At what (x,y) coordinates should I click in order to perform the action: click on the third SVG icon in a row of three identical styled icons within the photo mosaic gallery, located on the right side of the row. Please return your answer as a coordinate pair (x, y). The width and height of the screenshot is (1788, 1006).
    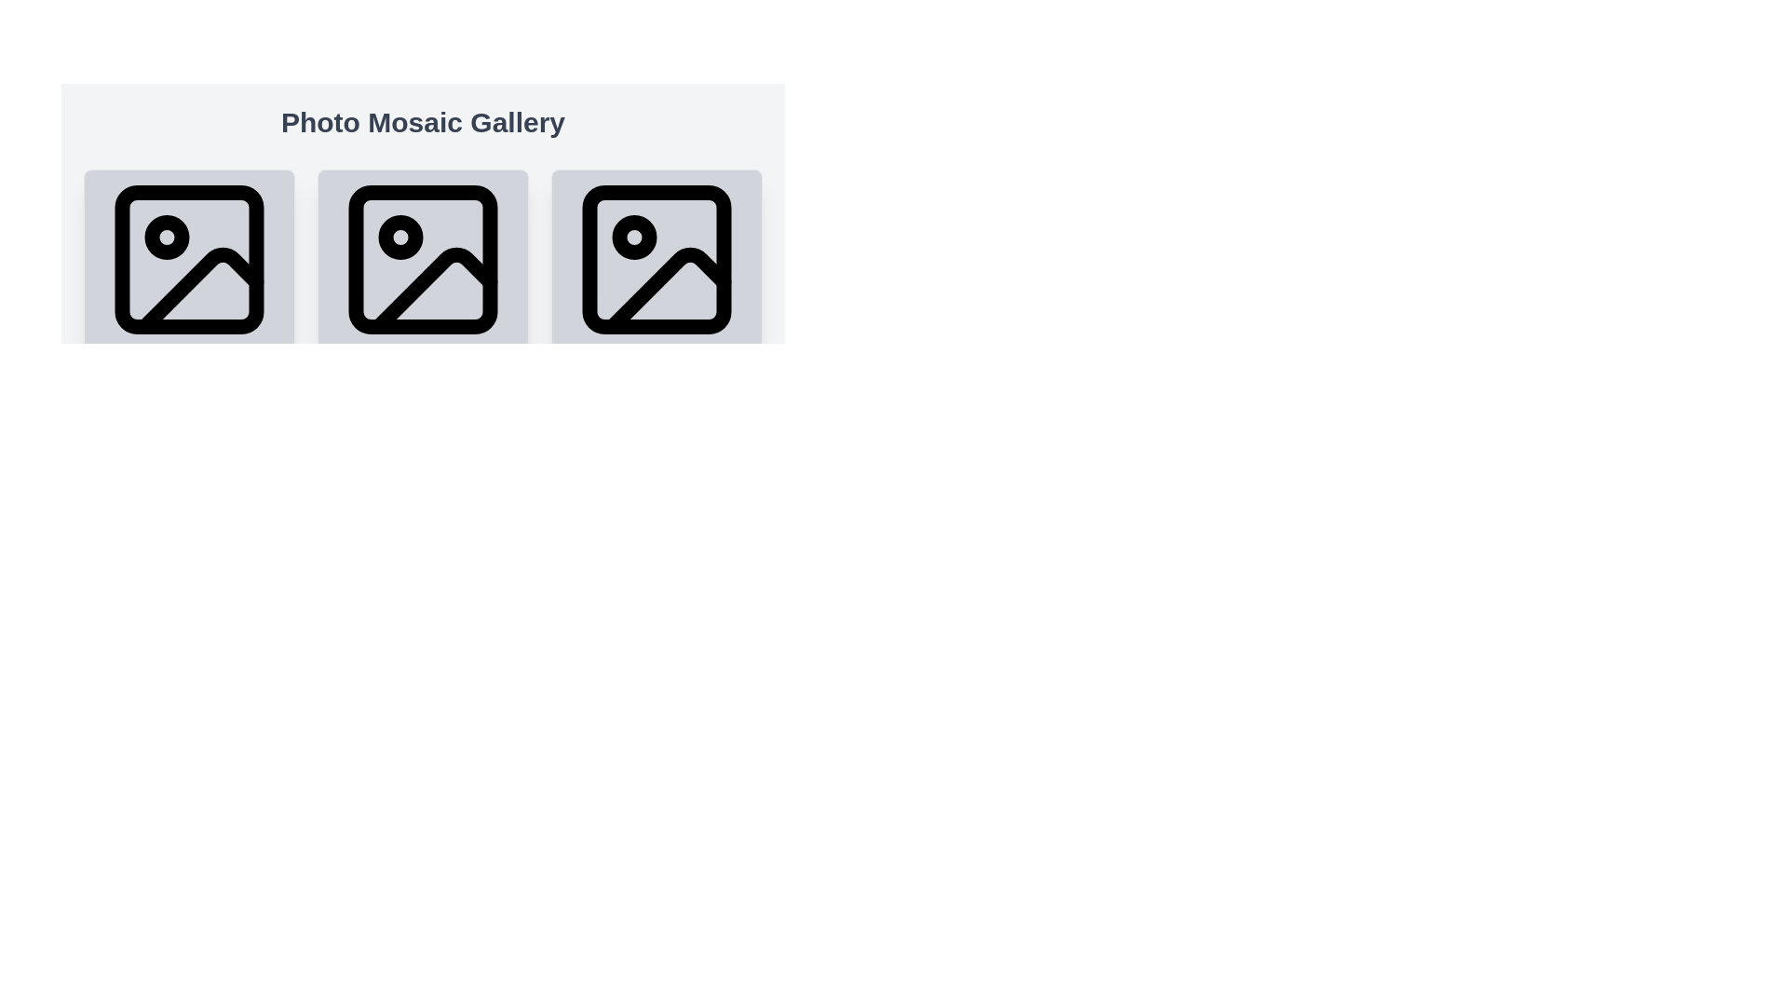
    Looking at the image, I should click on (657, 259).